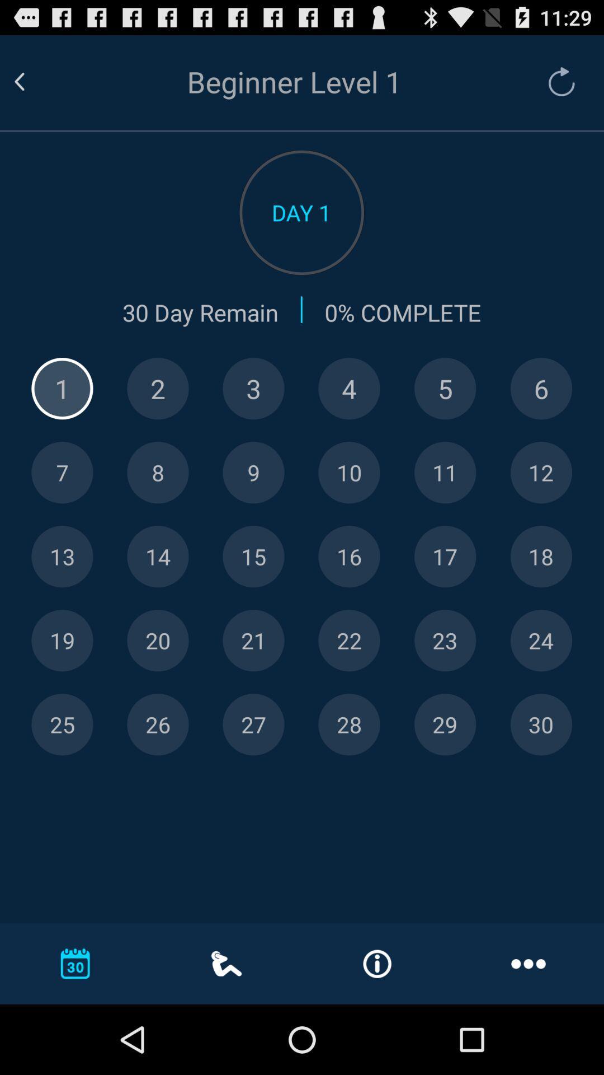 Image resolution: width=604 pixels, height=1075 pixels. I want to click on display day 6, so click(540, 389).